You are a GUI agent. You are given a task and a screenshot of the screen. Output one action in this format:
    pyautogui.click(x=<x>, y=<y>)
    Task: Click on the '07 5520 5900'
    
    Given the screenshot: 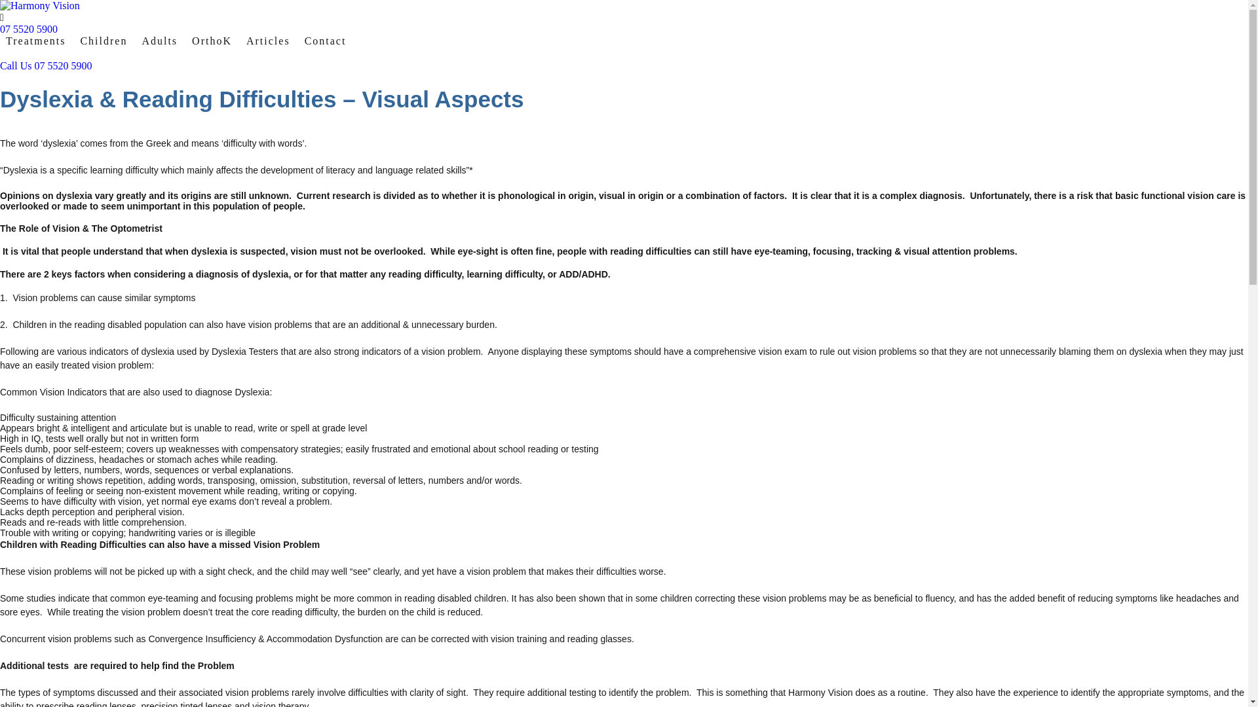 What is the action you would take?
    pyautogui.click(x=623, y=29)
    